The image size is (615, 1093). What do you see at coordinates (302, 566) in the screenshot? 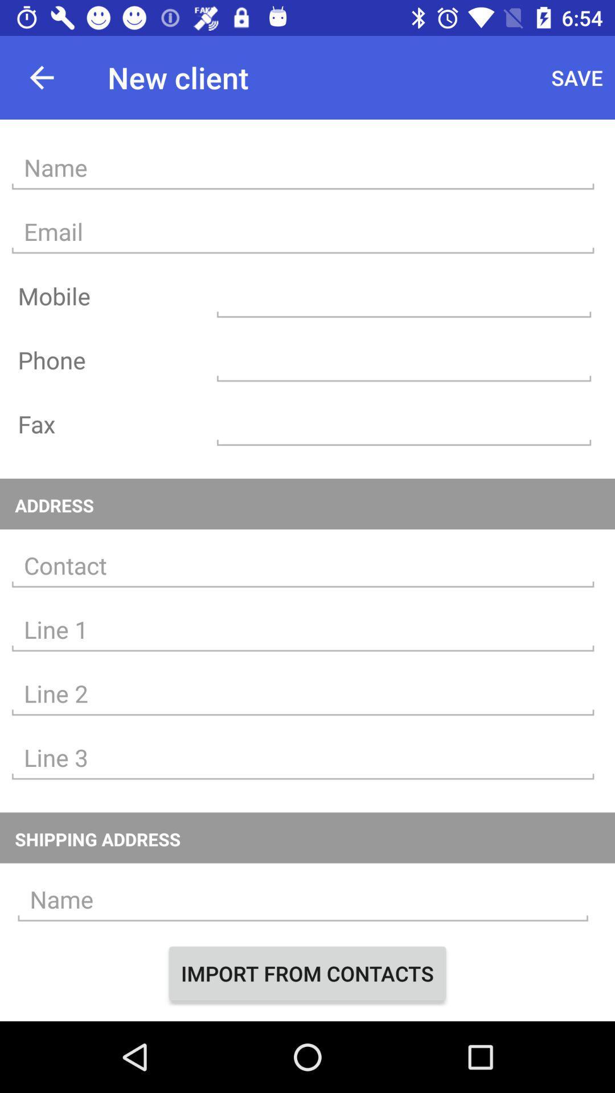
I see `get in touch` at bounding box center [302, 566].